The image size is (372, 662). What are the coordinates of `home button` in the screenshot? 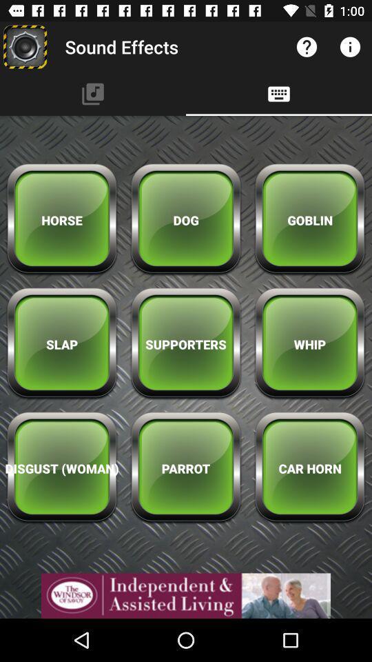 It's located at (25, 47).